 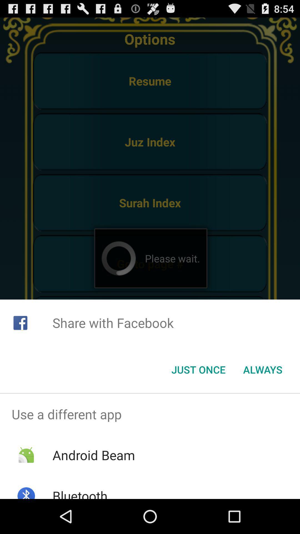 What do you see at coordinates (262, 370) in the screenshot?
I see `always` at bounding box center [262, 370].